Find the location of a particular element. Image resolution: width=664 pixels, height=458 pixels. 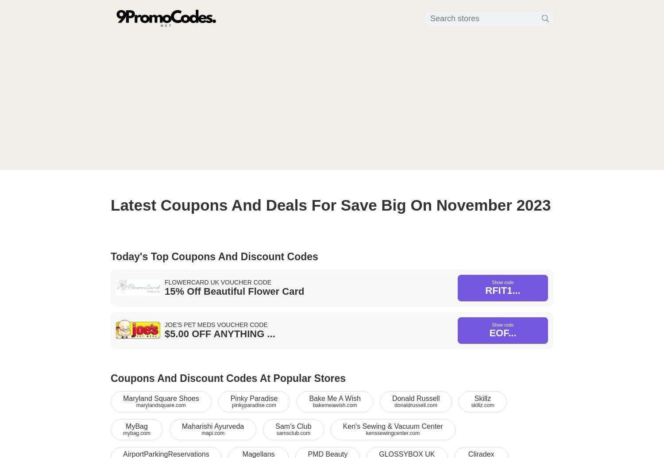

'Pinky Paradise' is located at coordinates (253, 398).